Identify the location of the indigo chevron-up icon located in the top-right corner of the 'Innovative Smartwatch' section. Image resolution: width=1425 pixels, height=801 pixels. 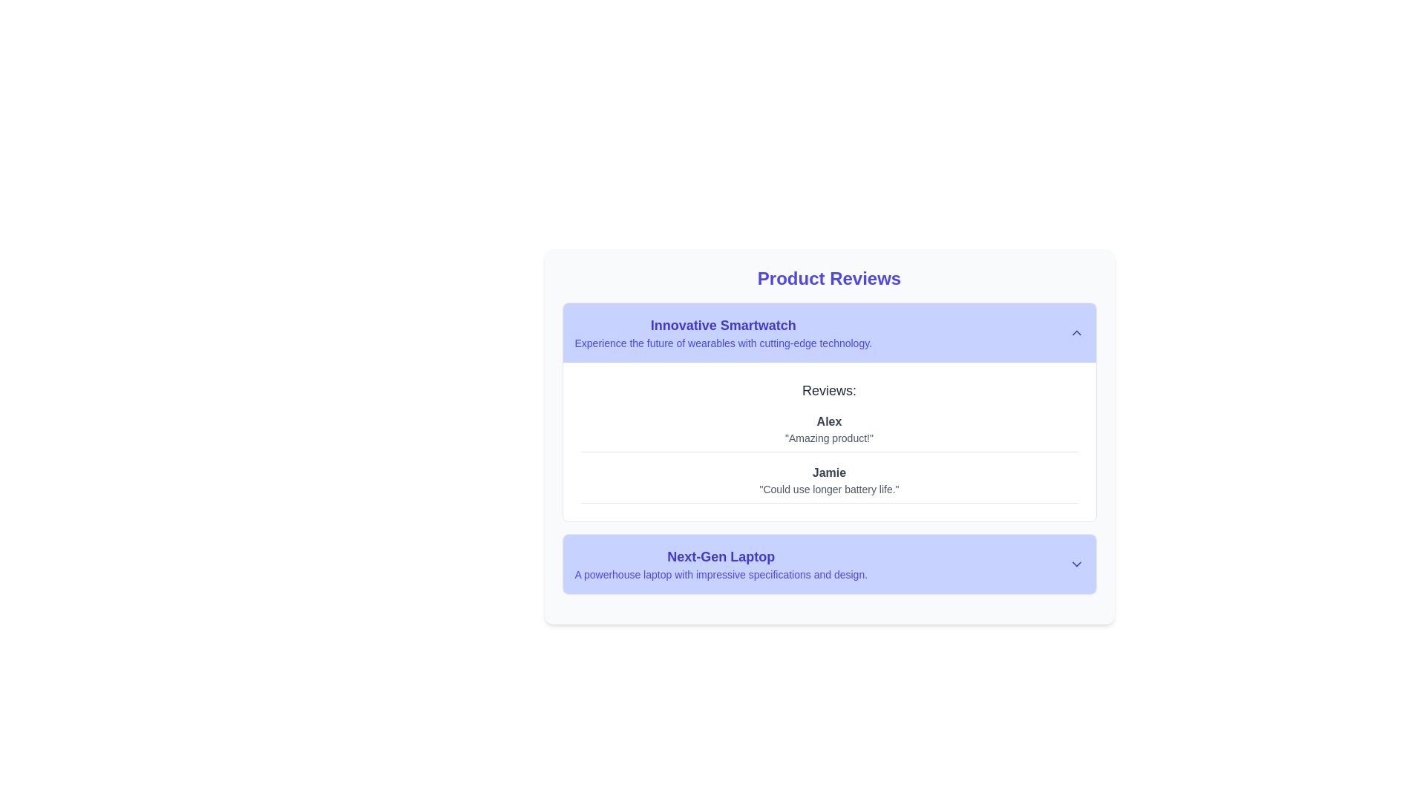
(1076, 332).